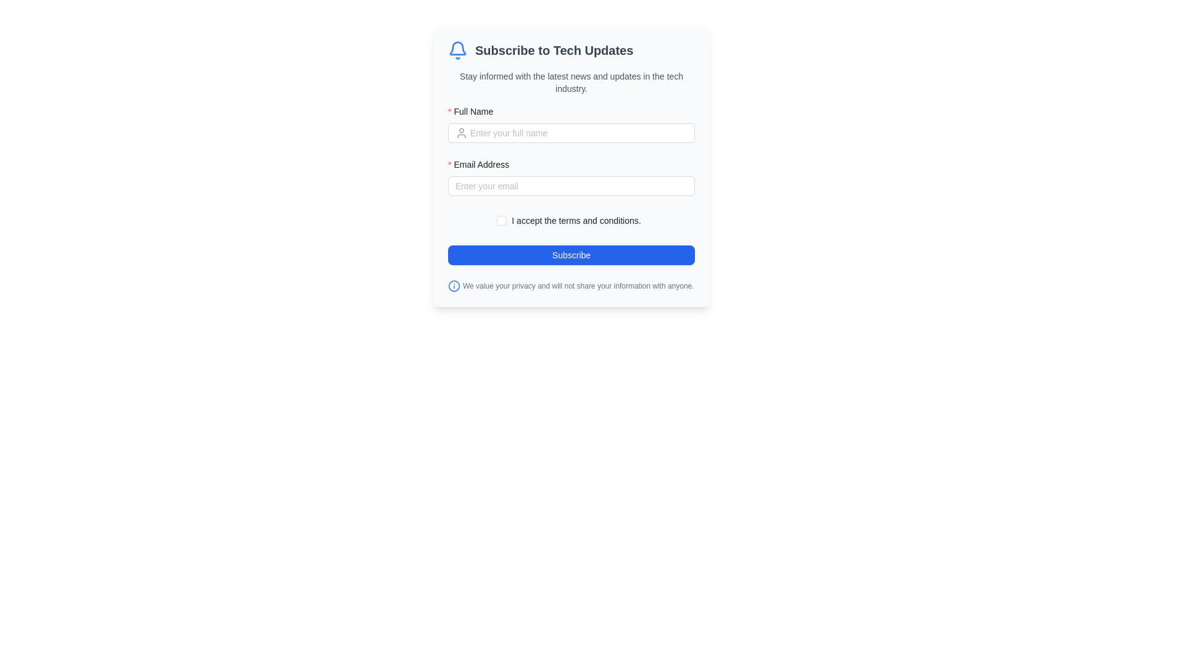 The height and width of the screenshot is (666, 1185). I want to click on the 'Full Name' label, which is prominently displayed in bold font with a red asterisk, located near the top left of the 'Subscribe to Tech Updates' form, so click(474, 112).